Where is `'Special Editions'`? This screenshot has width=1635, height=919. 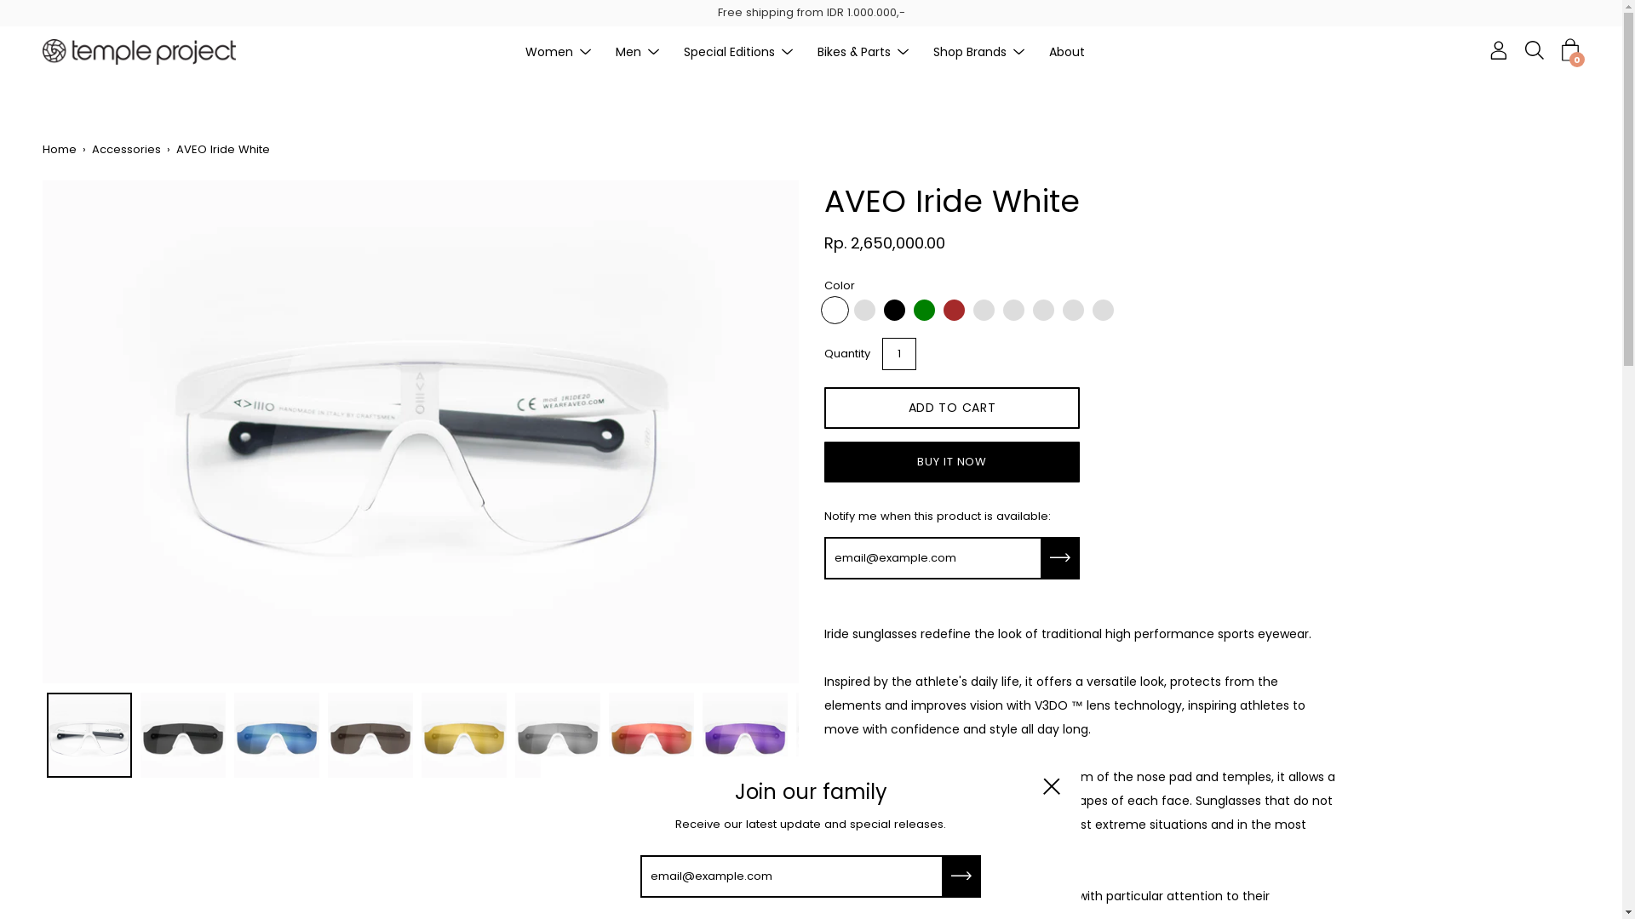
'Special Editions' is located at coordinates (728, 51).